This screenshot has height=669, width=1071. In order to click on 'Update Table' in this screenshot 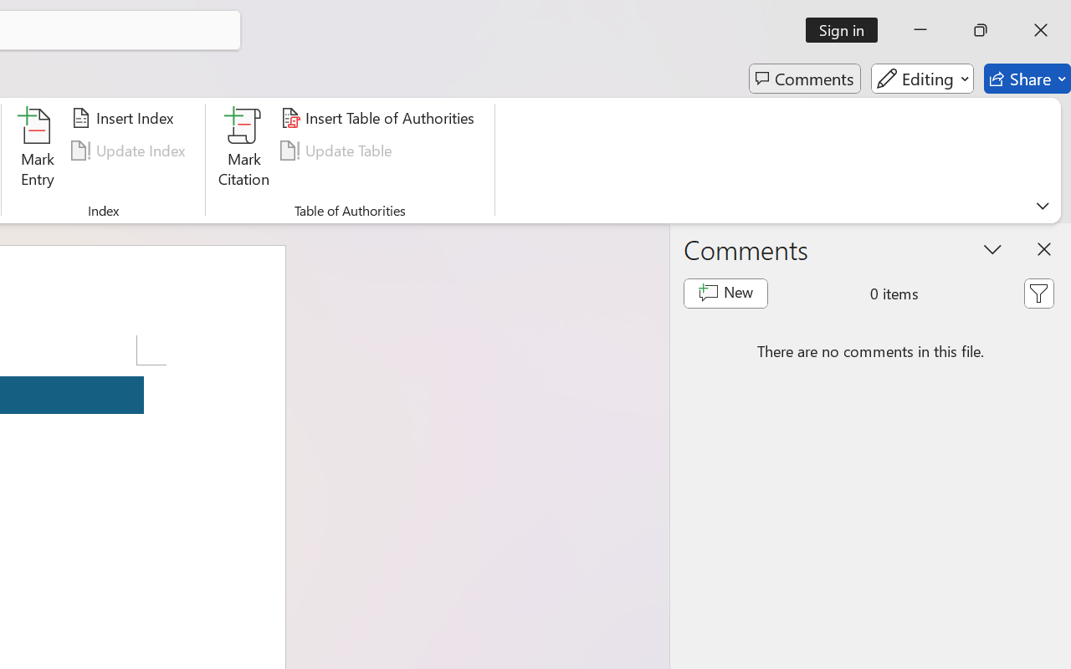, I will do `click(338, 150)`.